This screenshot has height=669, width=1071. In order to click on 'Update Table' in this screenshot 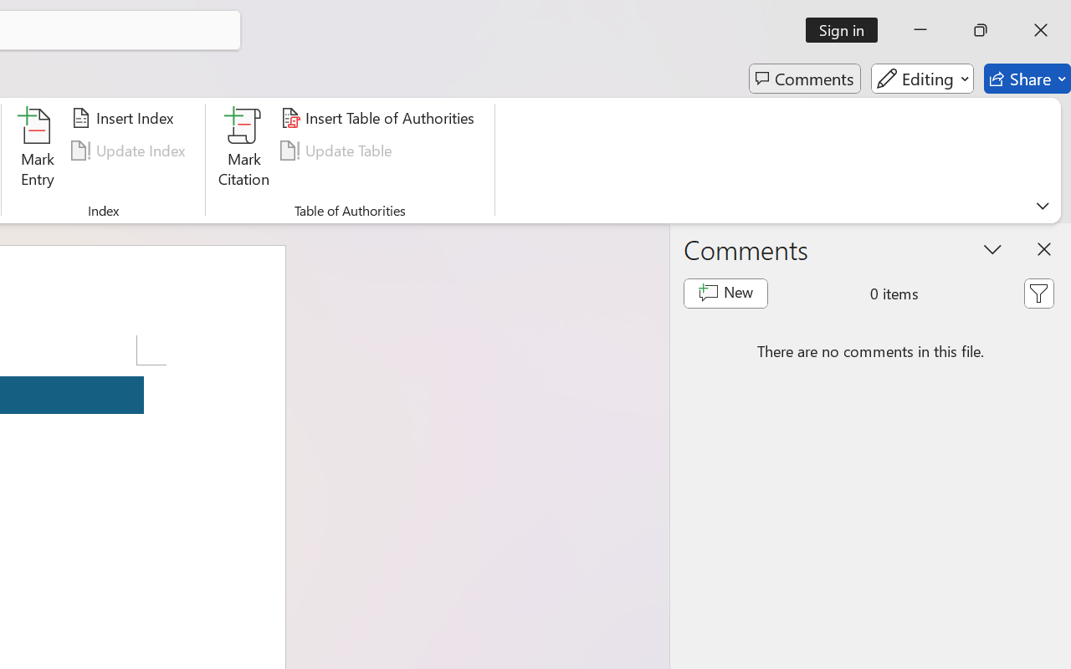, I will do `click(338, 150)`.